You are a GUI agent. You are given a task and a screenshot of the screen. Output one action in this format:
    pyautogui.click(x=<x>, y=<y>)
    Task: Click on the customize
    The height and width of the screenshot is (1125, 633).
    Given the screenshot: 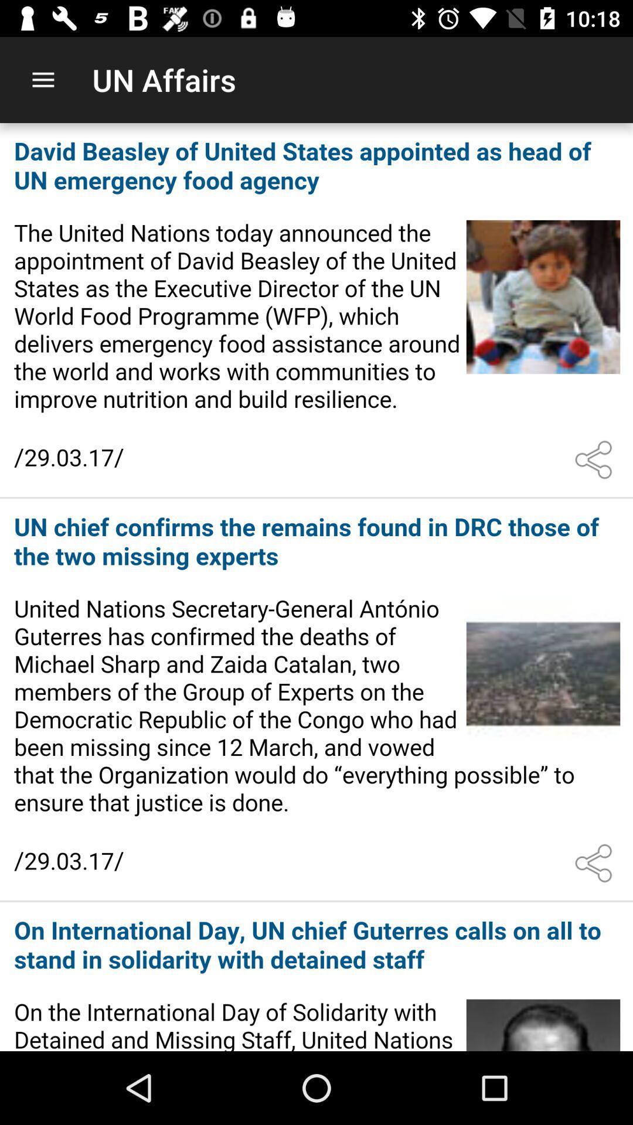 What is the action you would take?
    pyautogui.click(x=596, y=863)
    